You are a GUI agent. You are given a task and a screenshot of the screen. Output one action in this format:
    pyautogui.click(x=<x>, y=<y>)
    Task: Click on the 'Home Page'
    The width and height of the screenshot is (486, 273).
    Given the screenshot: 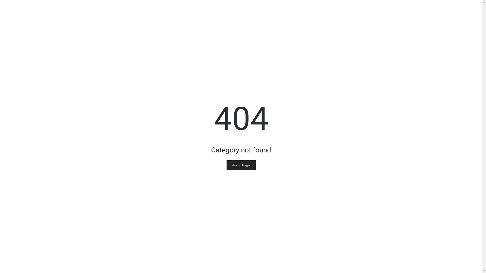 What is the action you would take?
    pyautogui.click(x=241, y=165)
    